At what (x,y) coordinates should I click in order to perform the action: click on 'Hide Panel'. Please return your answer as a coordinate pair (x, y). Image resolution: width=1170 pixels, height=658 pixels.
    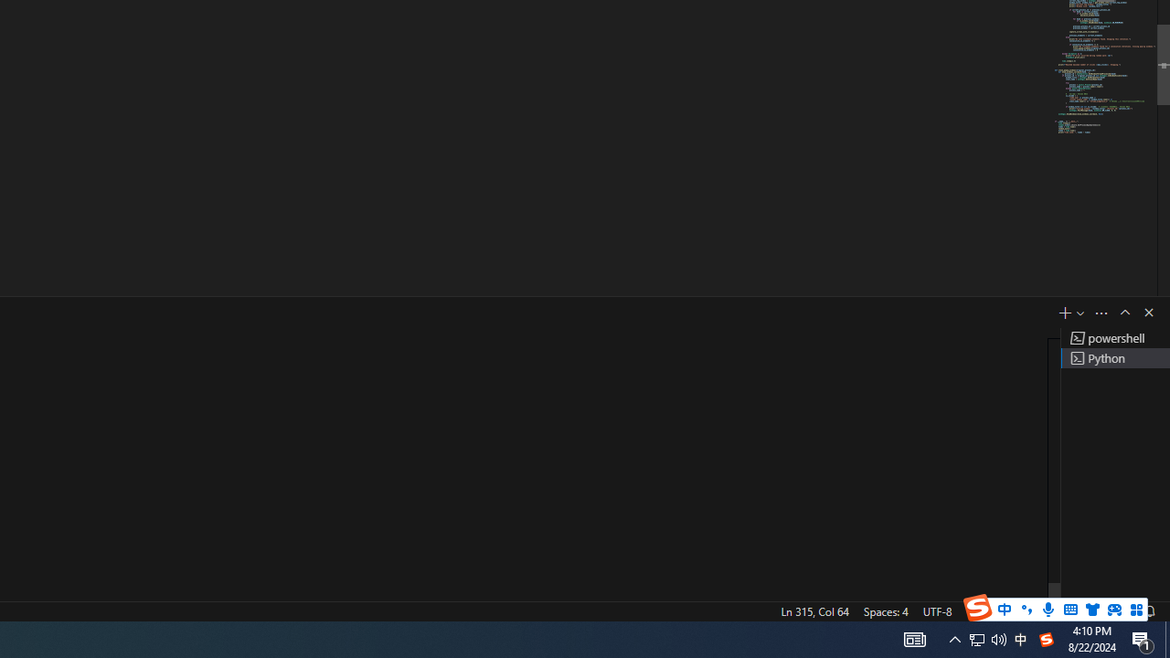
    Looking at the image, I should click on (1147, 312).